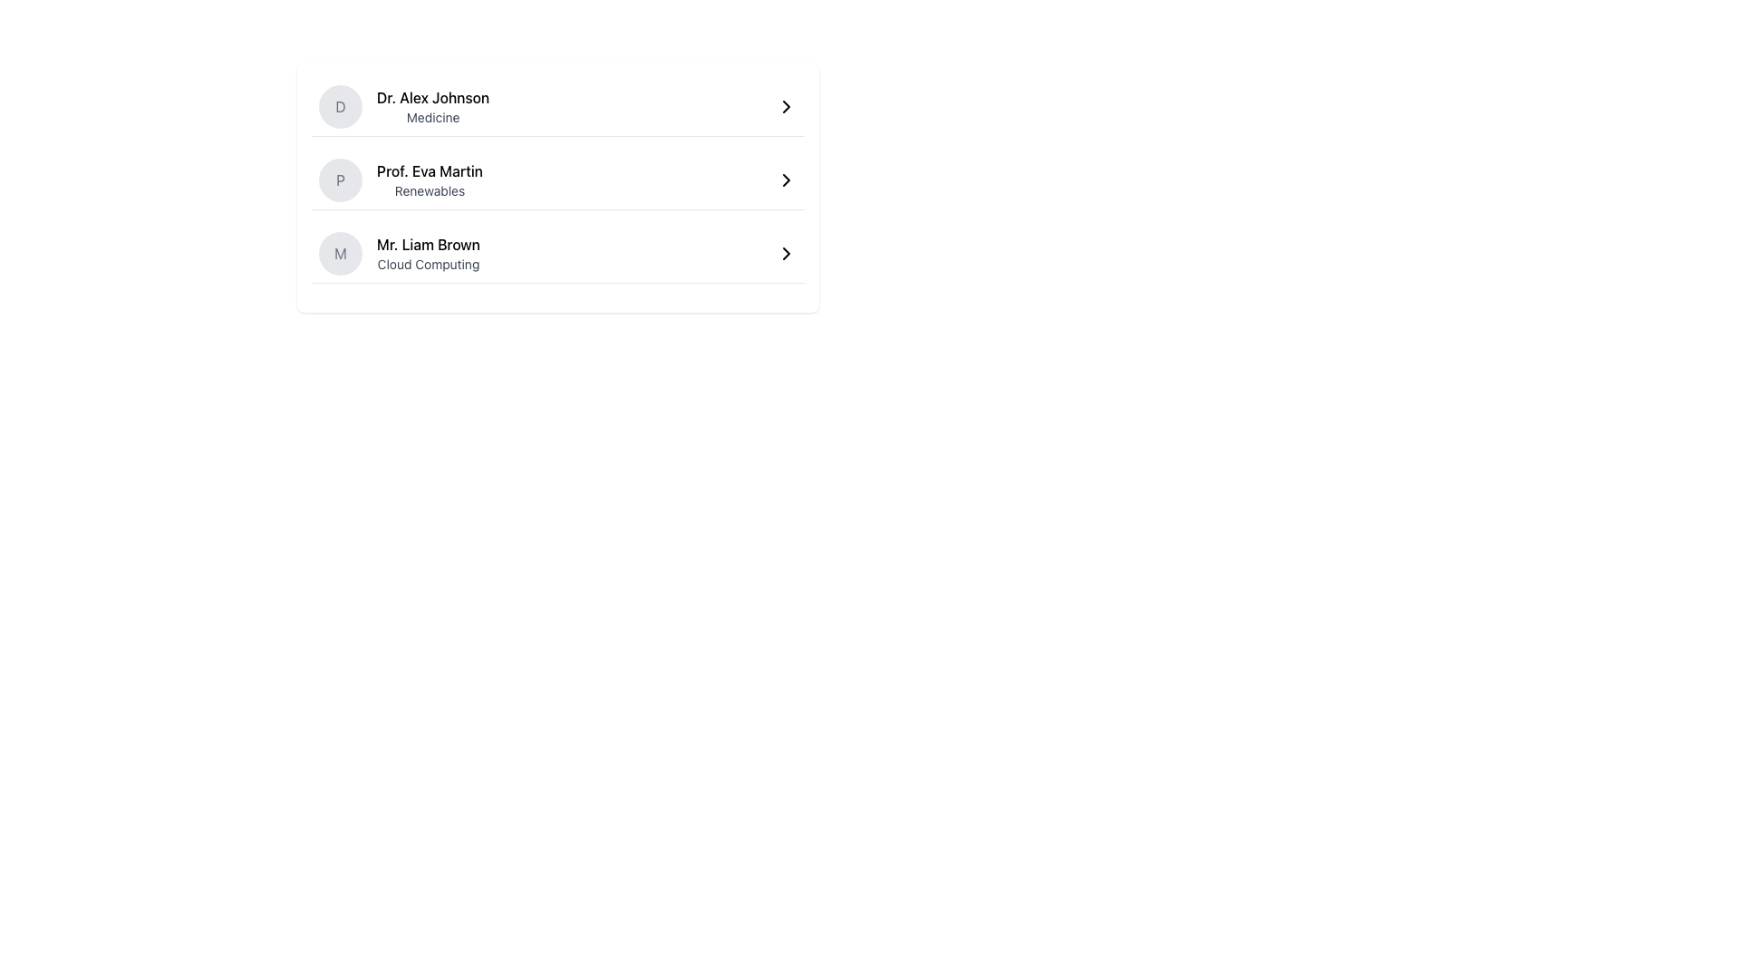  What do you see at coordinates (340, 107) in the screenshot?
I see `the bold gray letter 'D' located in the first circular avatar to the left of 'Dr. Alex Johnson' in the vertical list` at bounding box center [340, 107].